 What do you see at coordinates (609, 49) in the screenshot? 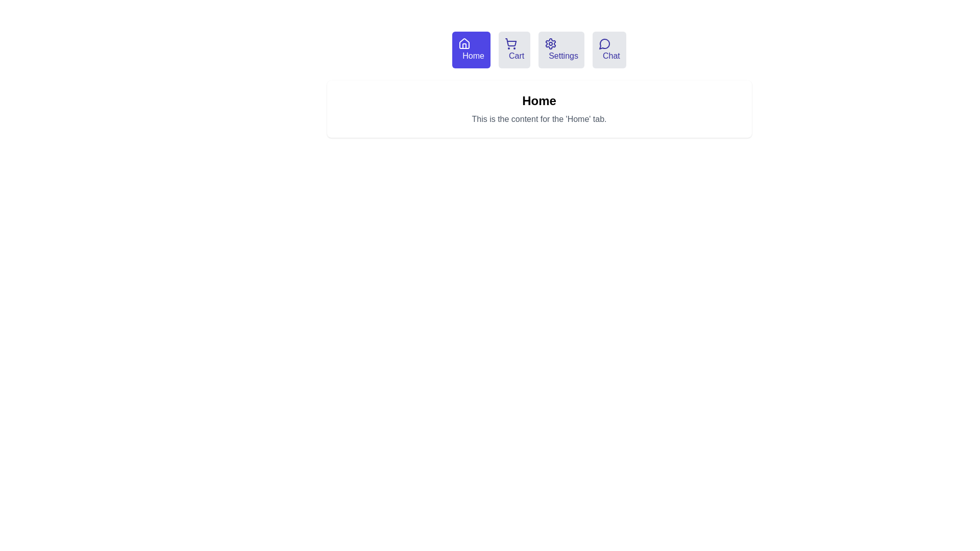
I see `the tab labeled Chat to observe its visual changes` at bounding box center [609, 49].